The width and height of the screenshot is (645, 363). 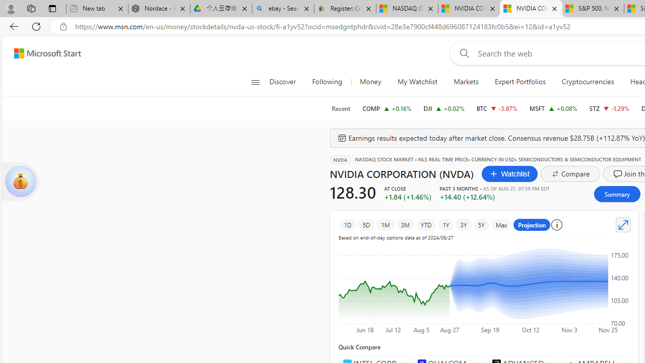 I want to click on 'Web search', so click(x=462, y=53).